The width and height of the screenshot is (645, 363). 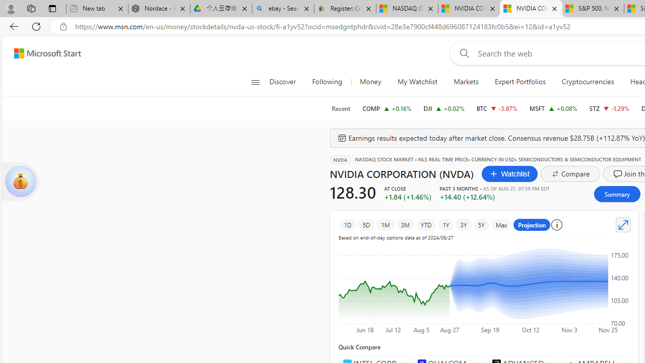 I want to click on 'Web search', so click(x=462, y=53).